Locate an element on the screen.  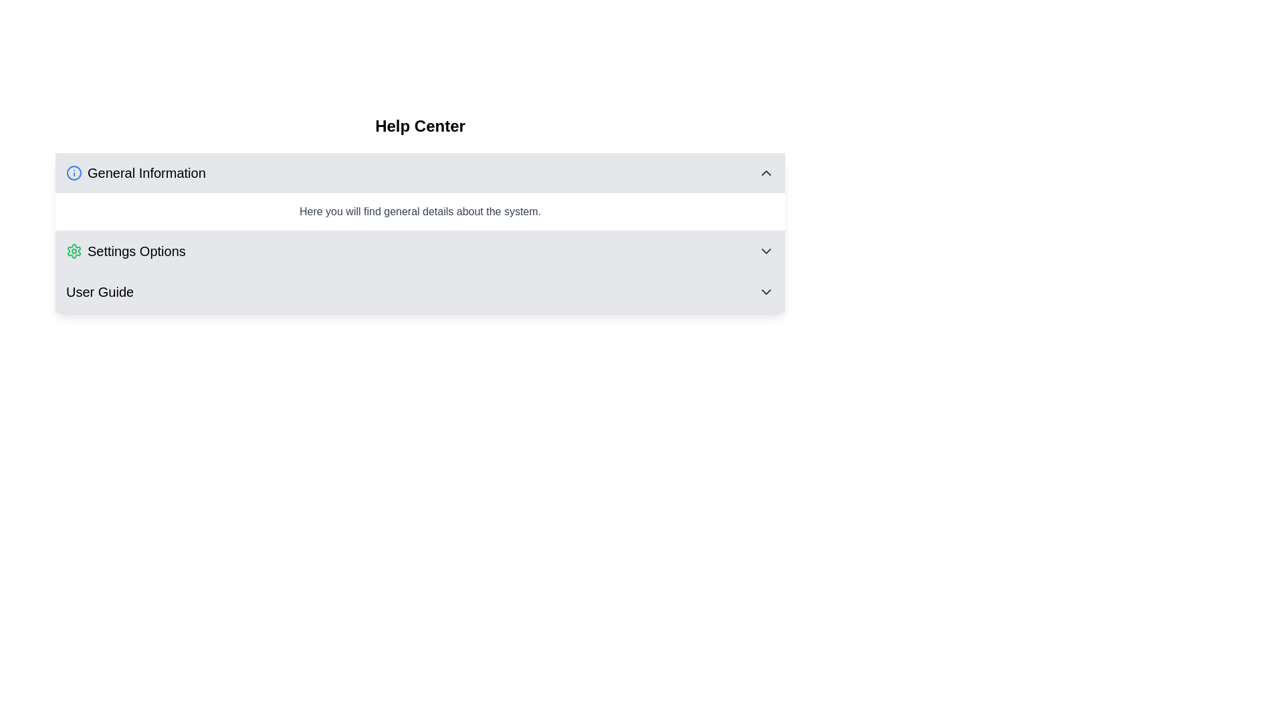
the 'General Information' text label with accompanying icon is located at coordinates (136, 172).